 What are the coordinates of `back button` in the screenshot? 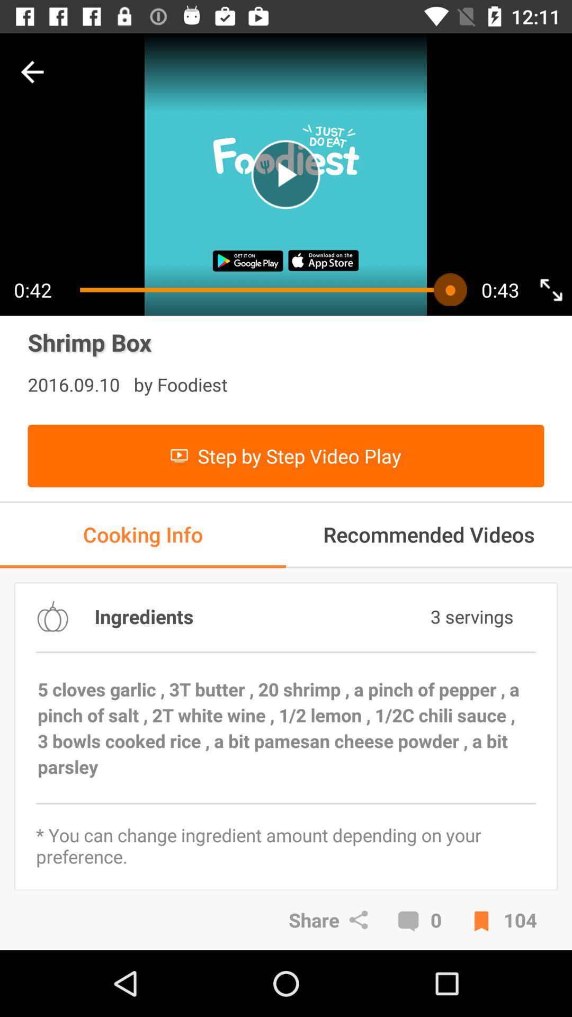 It's located at (32, 72).